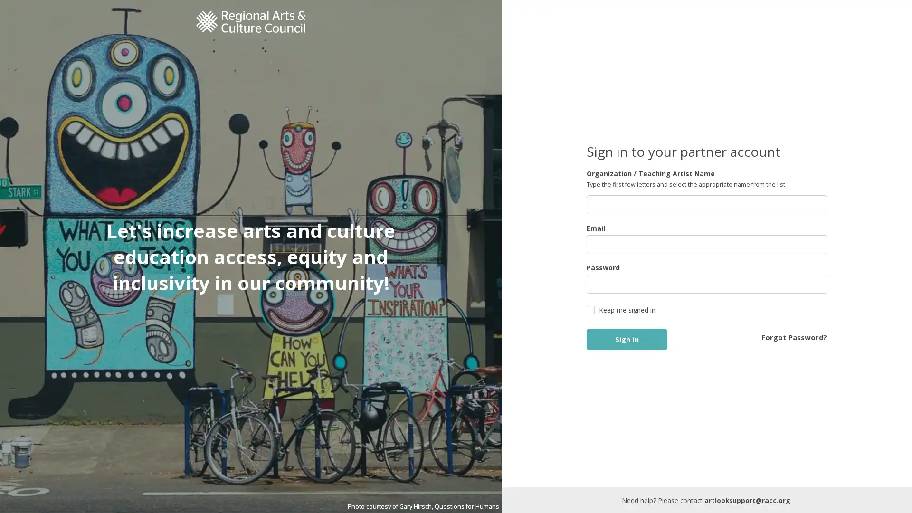 This screenshot has height=513, width=912. What do you see at coordinates (627, 338) in the screenshot?
I see `Sign In` at bounding box center [627, 338].